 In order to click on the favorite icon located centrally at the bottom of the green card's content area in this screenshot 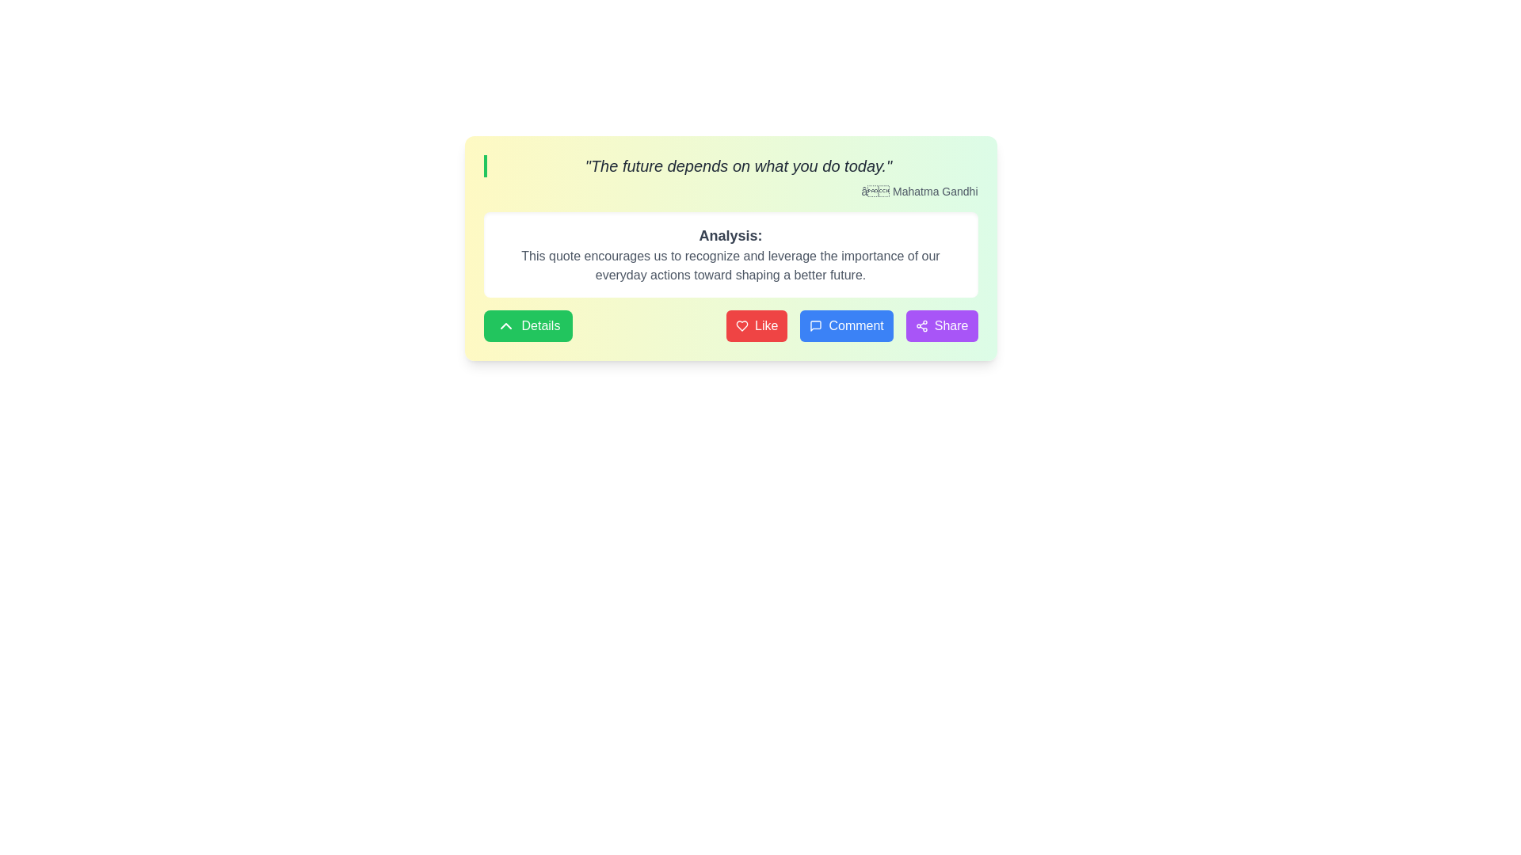, I will do `click(741, 325)`.